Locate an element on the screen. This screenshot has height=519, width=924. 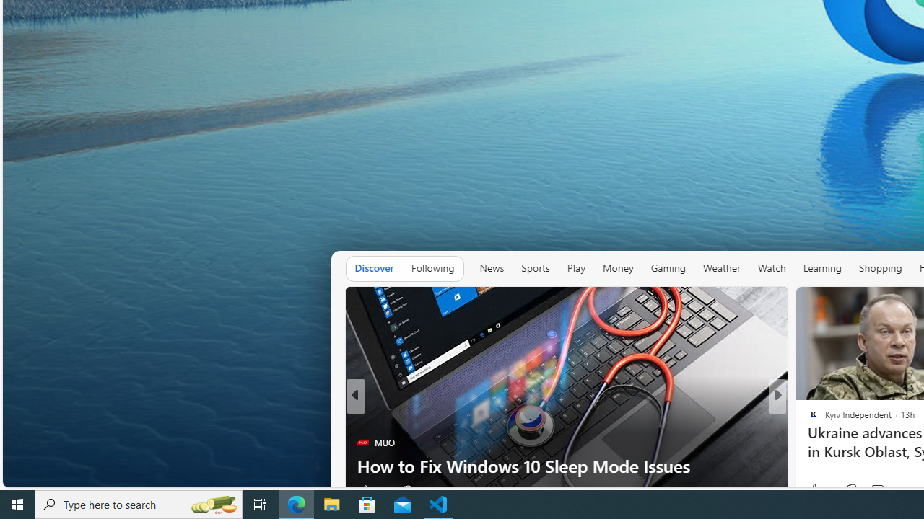
'View comments 382 Comment' is located at coordinates (876, 490).